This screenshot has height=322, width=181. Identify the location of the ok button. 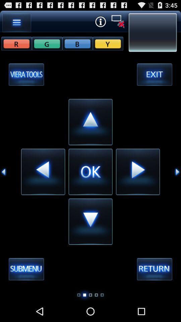
(90, 171).